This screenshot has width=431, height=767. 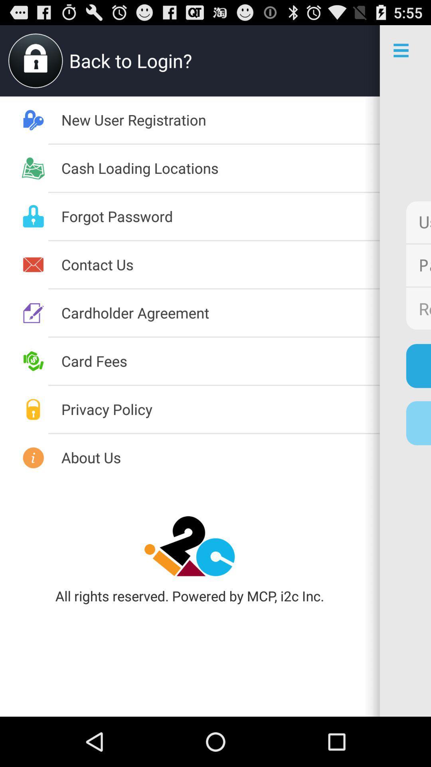 What do you see at coordinates (405, 50) in the screenshot?
I see `more option icon` at bounding box center [405, 50].